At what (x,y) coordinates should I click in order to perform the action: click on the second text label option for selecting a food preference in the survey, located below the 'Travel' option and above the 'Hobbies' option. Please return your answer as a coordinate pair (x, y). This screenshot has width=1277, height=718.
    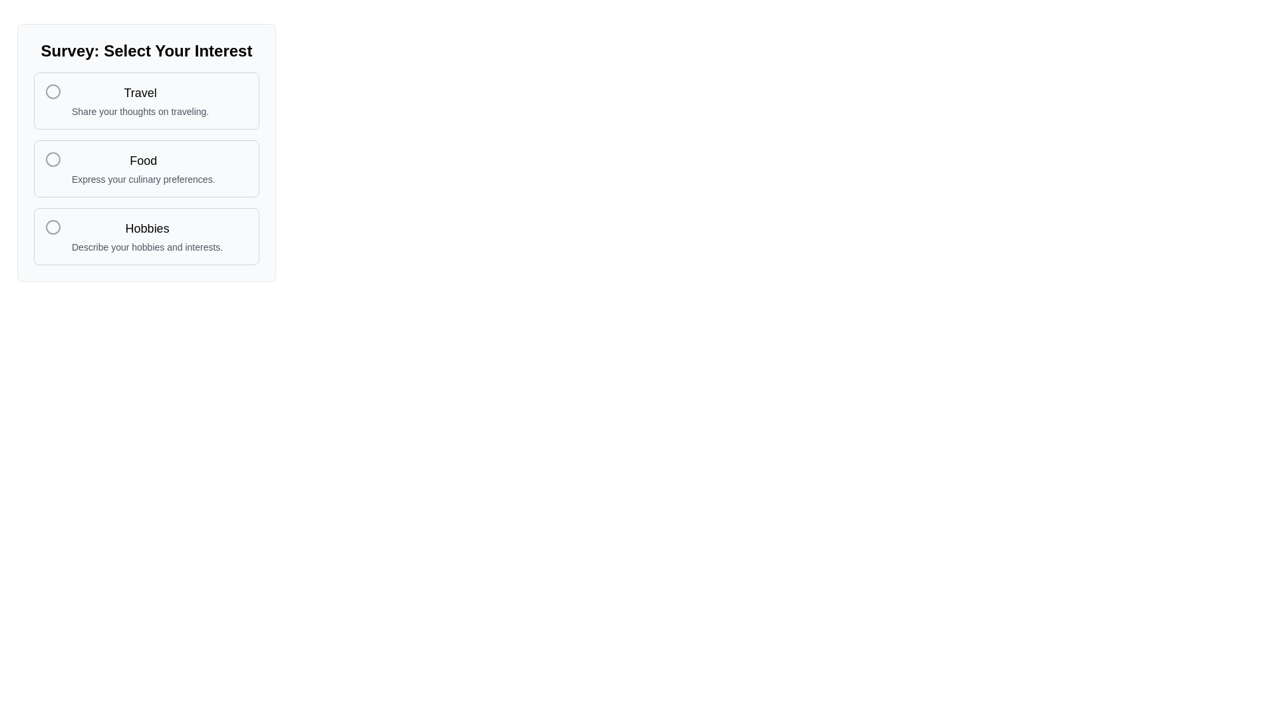
    Looking at the image, I should click on (143, 168).